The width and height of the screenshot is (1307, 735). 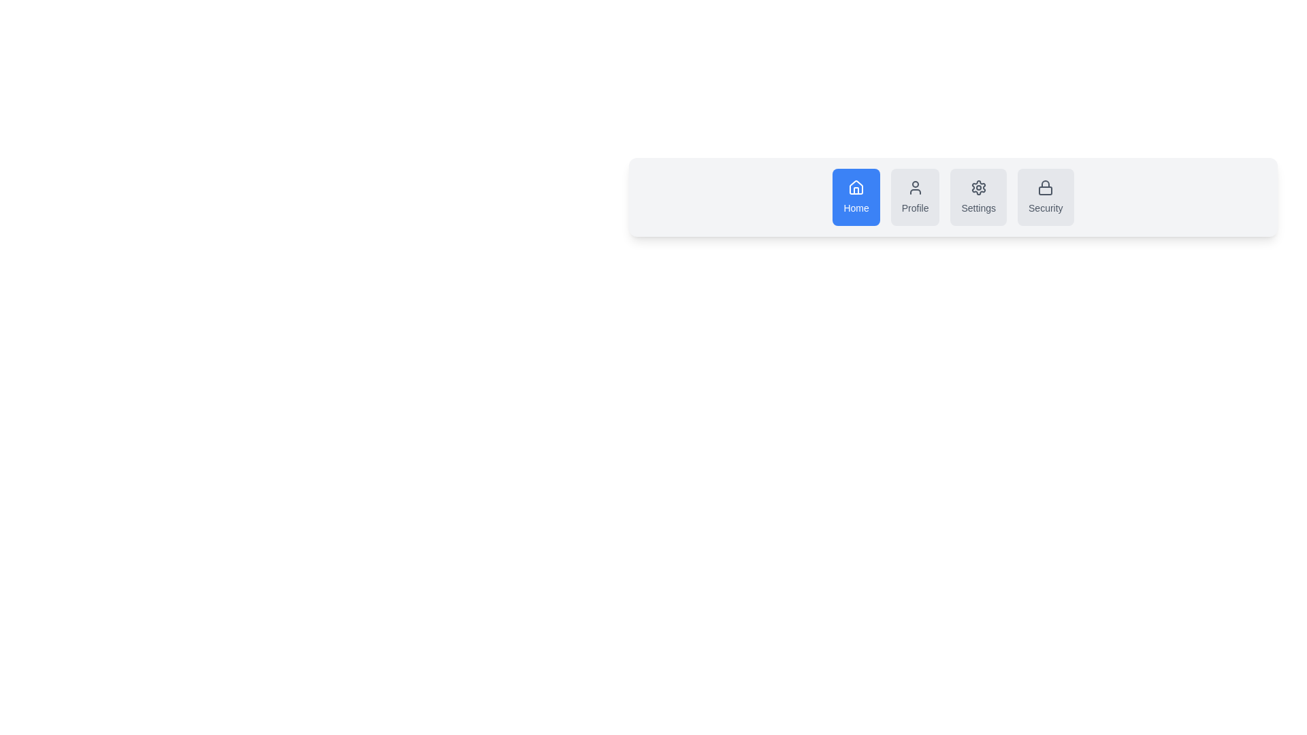 I want to click on the Settings button, so click(x=977, y=197).